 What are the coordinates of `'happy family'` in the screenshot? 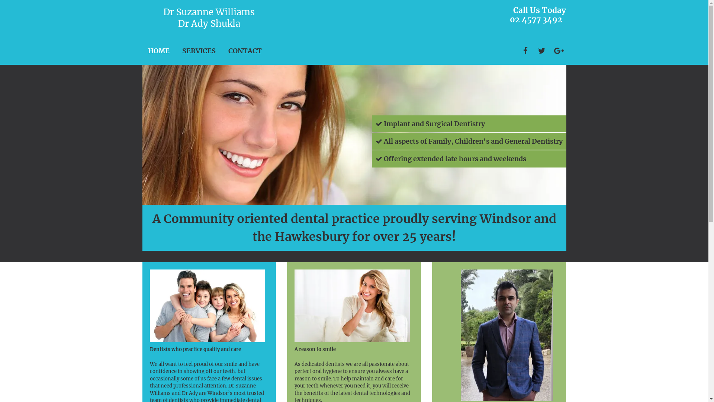 It's located at (207, 306).